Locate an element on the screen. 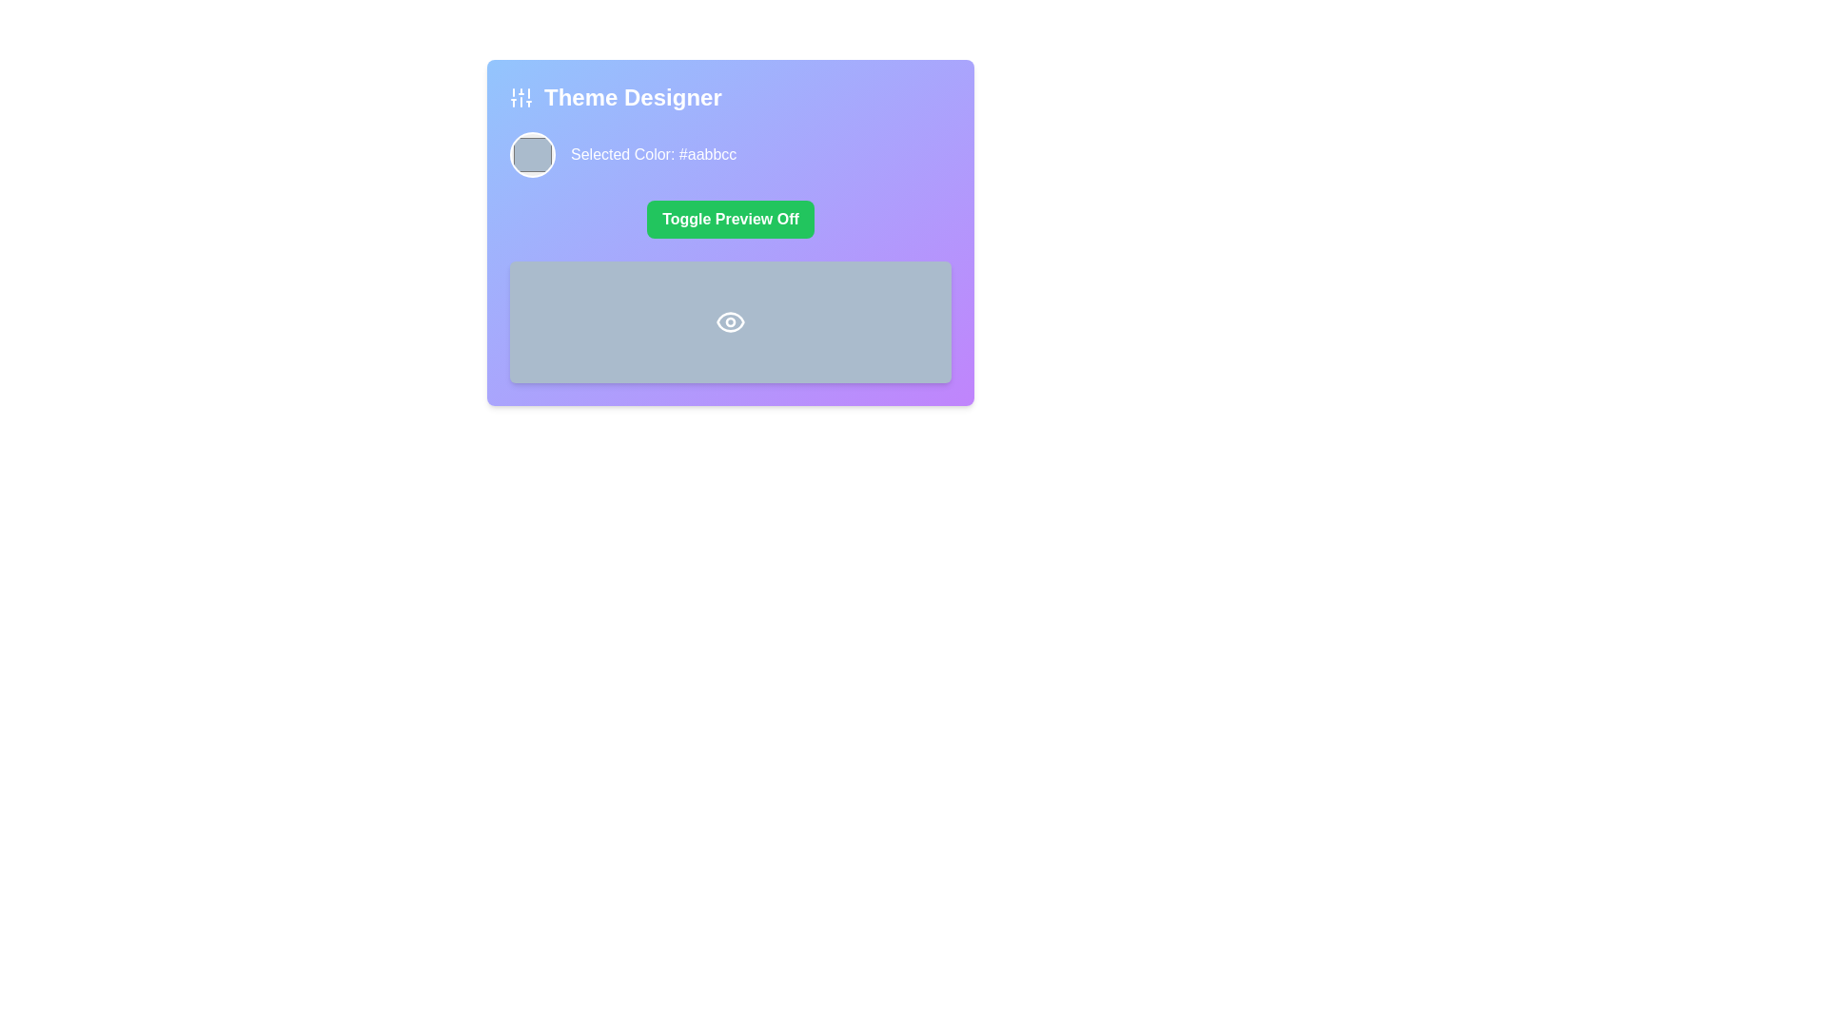 The height and width of the screenshot is (1027, 1827). the text label displaying 'Selected Color: #aabbcc', which indicates the currently selected color and is positioned to the right of a circular color preview component is located at coordinates (654, 153).